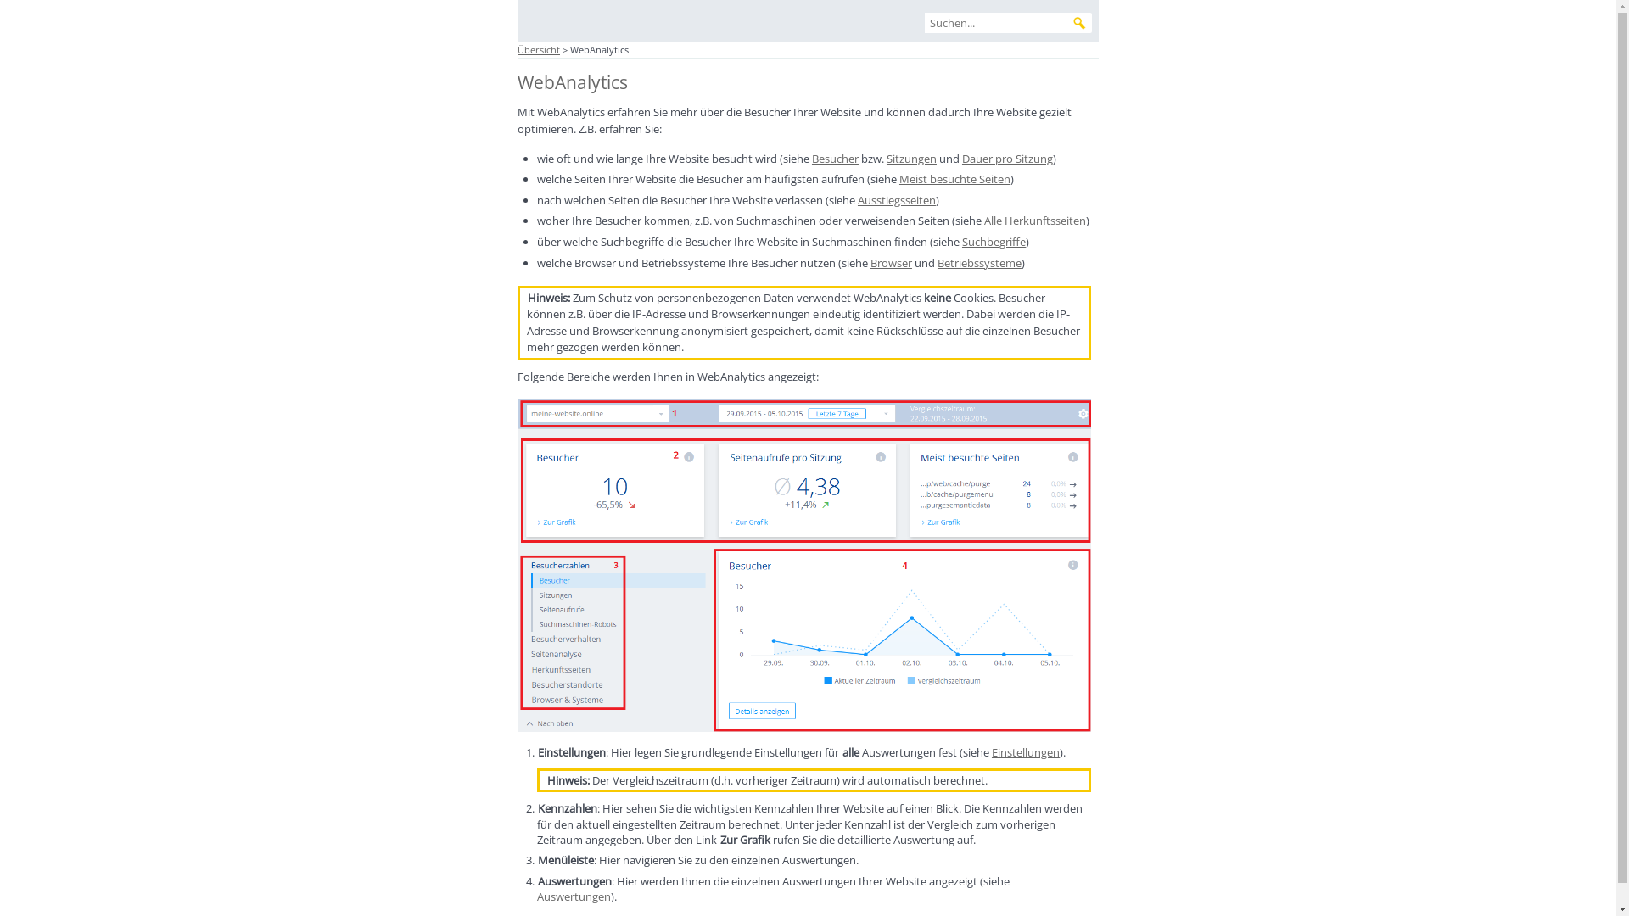  I want to click on 'Auswertungen', so click(574, 895).